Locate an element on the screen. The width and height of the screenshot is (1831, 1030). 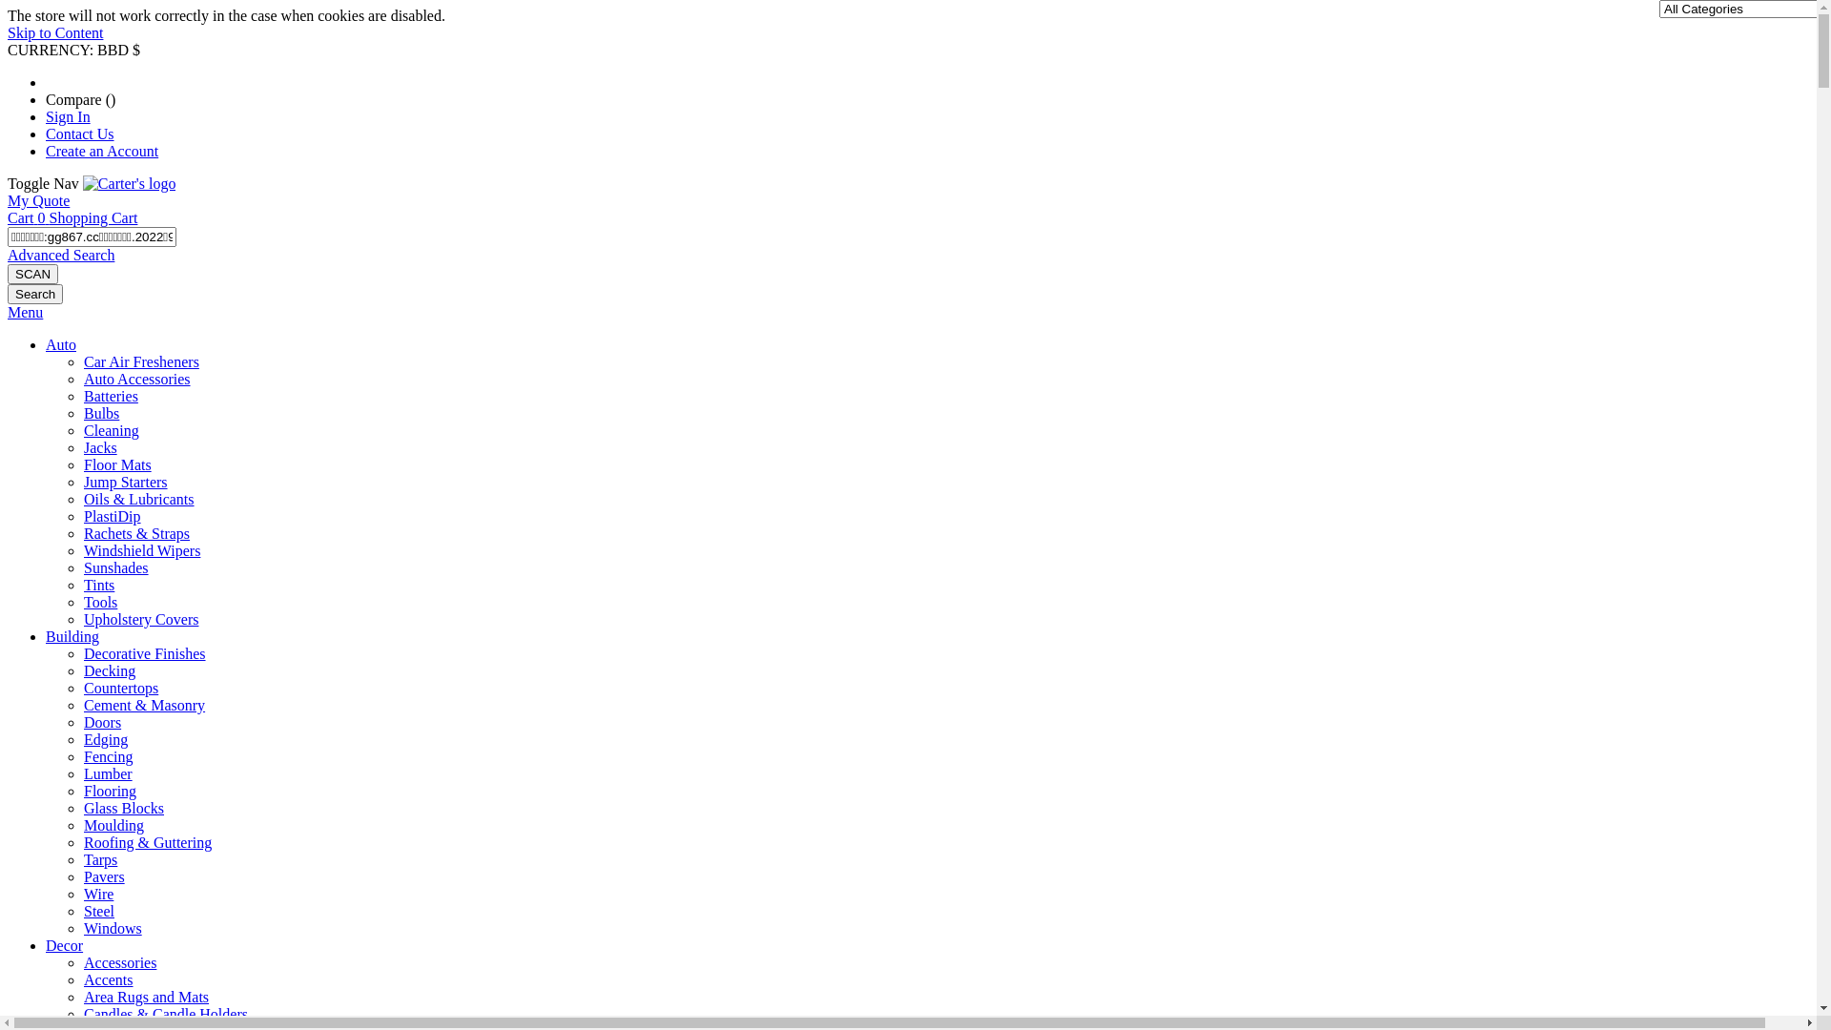
'Compare ()' is located at coordinates (79, 99).